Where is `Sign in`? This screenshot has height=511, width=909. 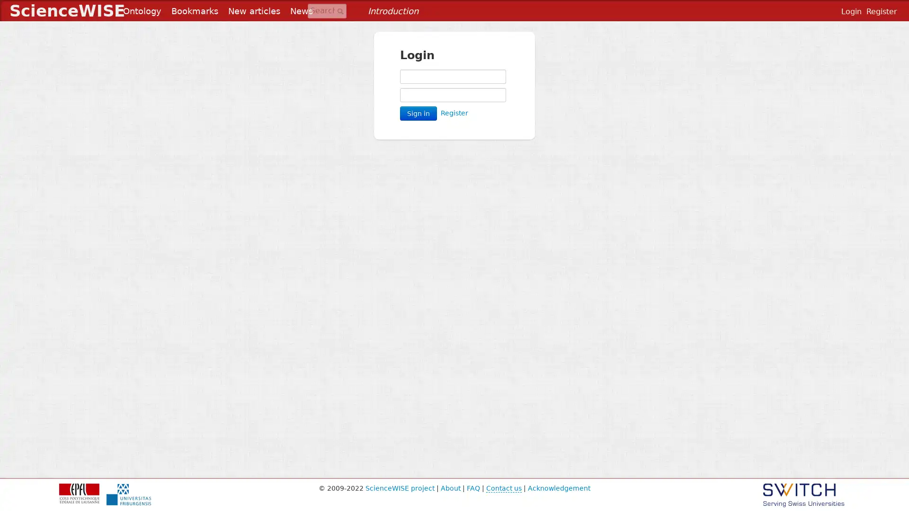 Sign in is located at coordinates (418, 113).